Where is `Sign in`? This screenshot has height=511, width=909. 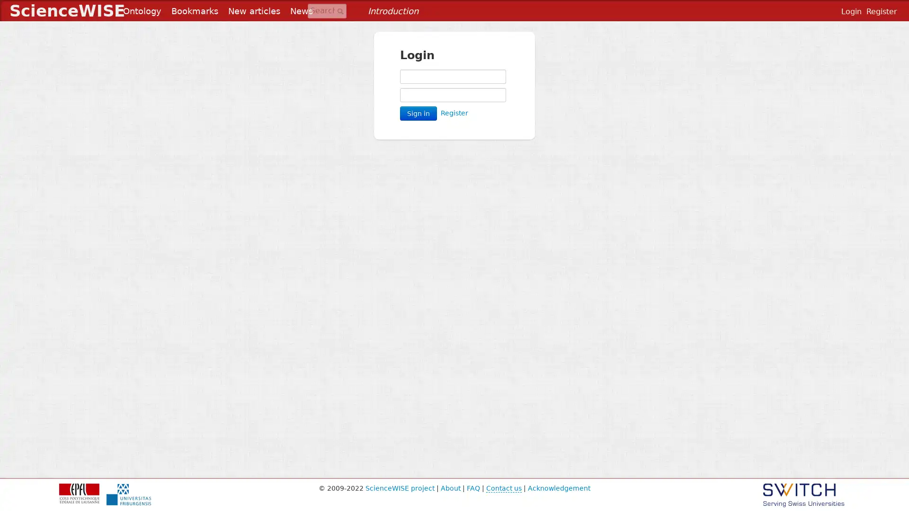 Sign in is located at coordinates (418, 113).